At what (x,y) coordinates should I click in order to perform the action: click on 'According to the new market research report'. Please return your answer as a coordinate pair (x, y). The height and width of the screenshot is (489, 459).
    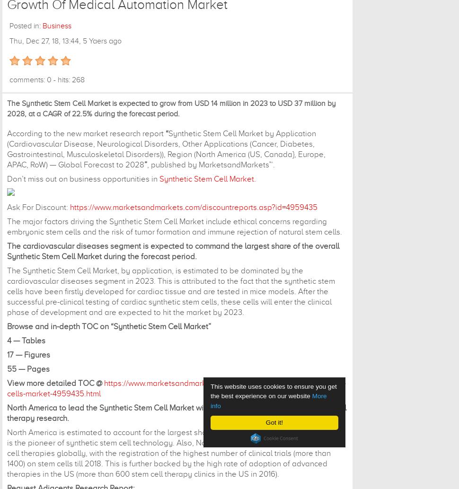
    Looking at the image, I should click on (86, 133).